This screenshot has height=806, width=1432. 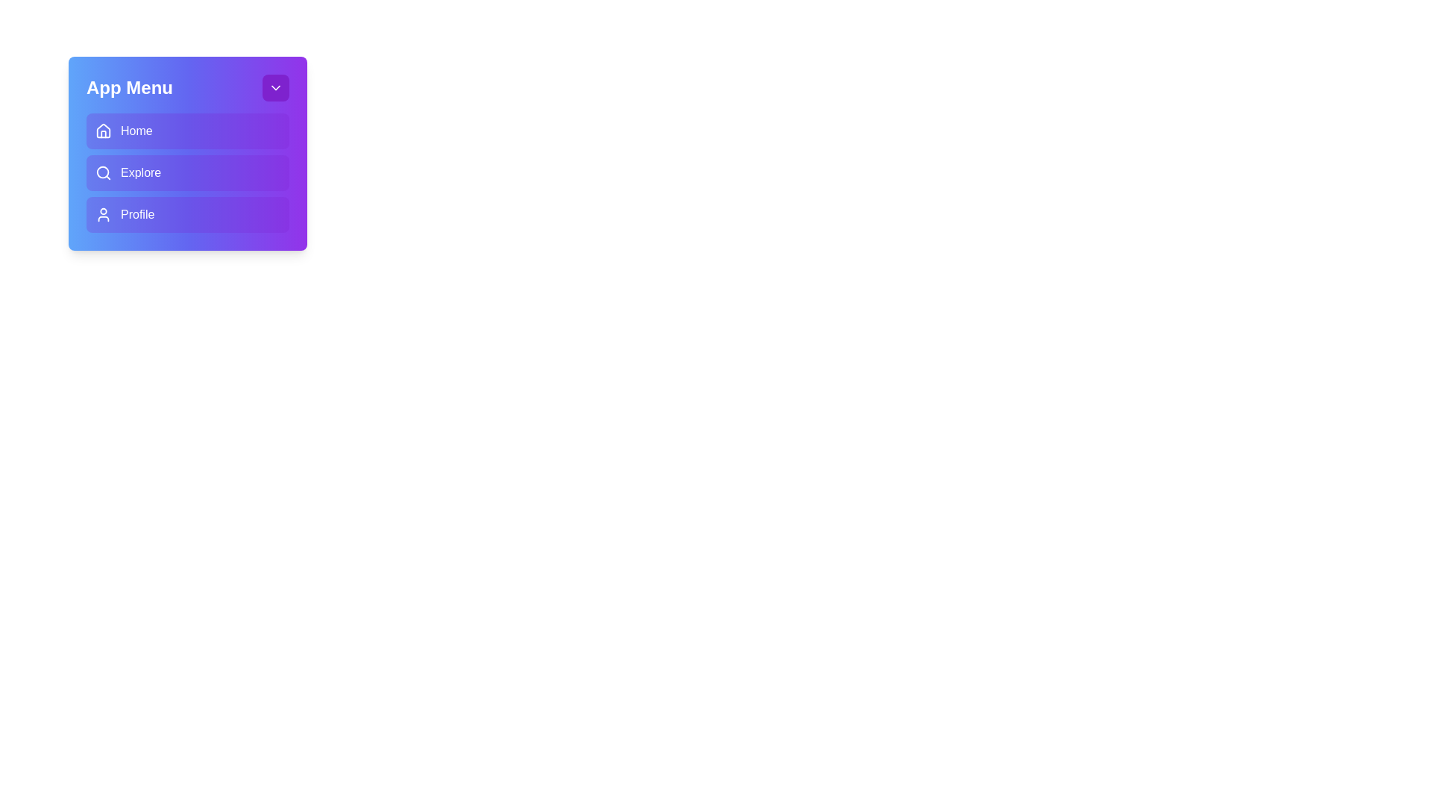 I want to click on the 'Profile' button, which is a rectangular button with white text on a purple gradient background, located at the bottom of the menu on the left side of the interface, so click(x=137, y=215).